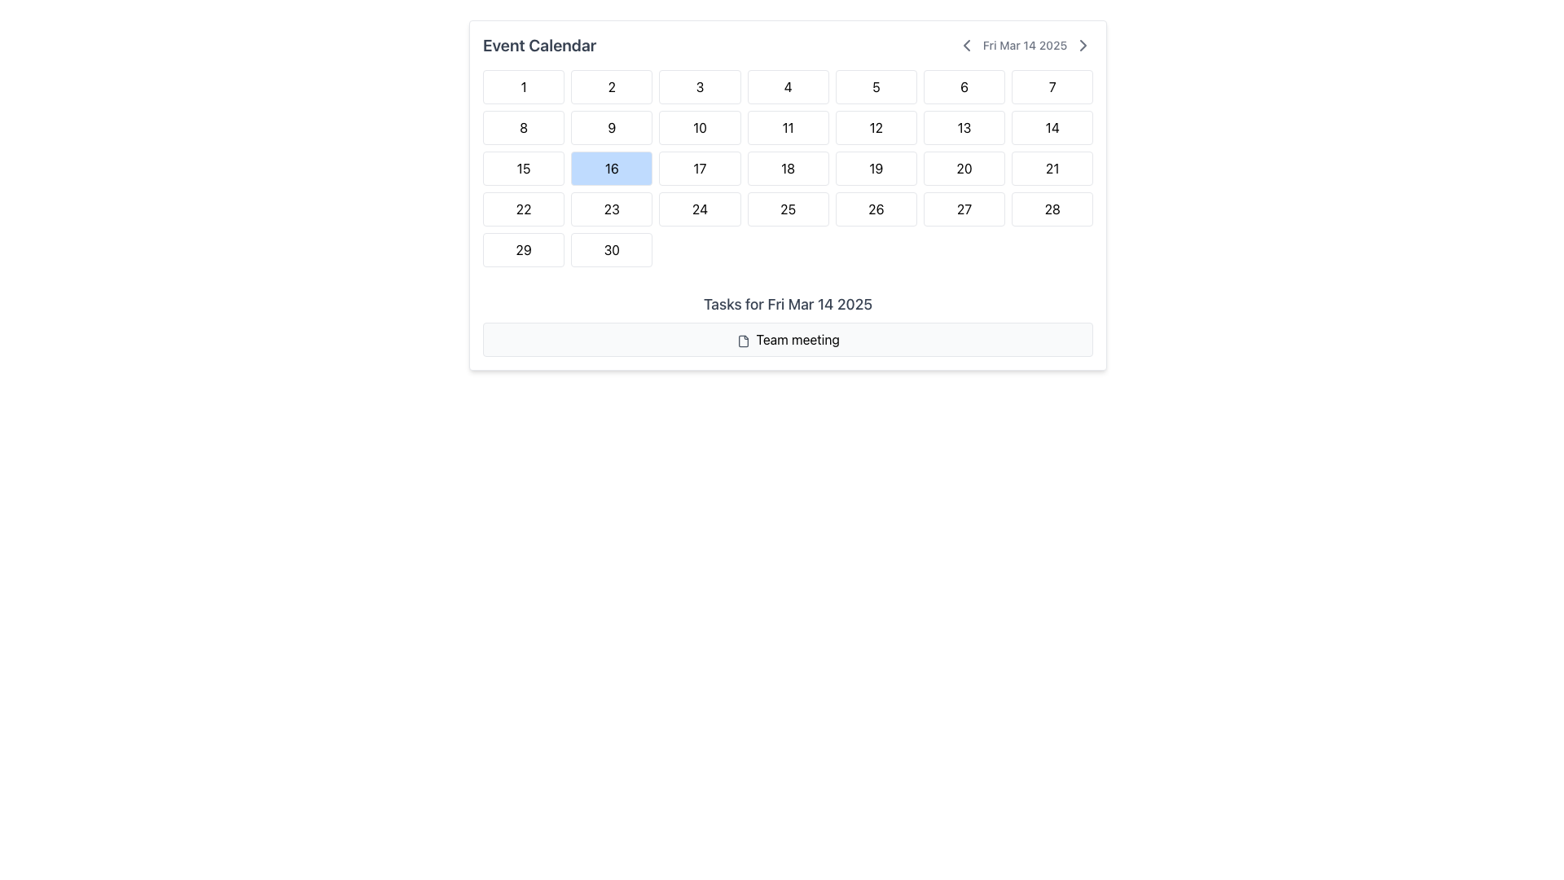 The image size is (1564, 880). Describe the element at coordinates (875, 209) in the screenshot. I see `the date button representing '26' in the calendar interface` at that location.